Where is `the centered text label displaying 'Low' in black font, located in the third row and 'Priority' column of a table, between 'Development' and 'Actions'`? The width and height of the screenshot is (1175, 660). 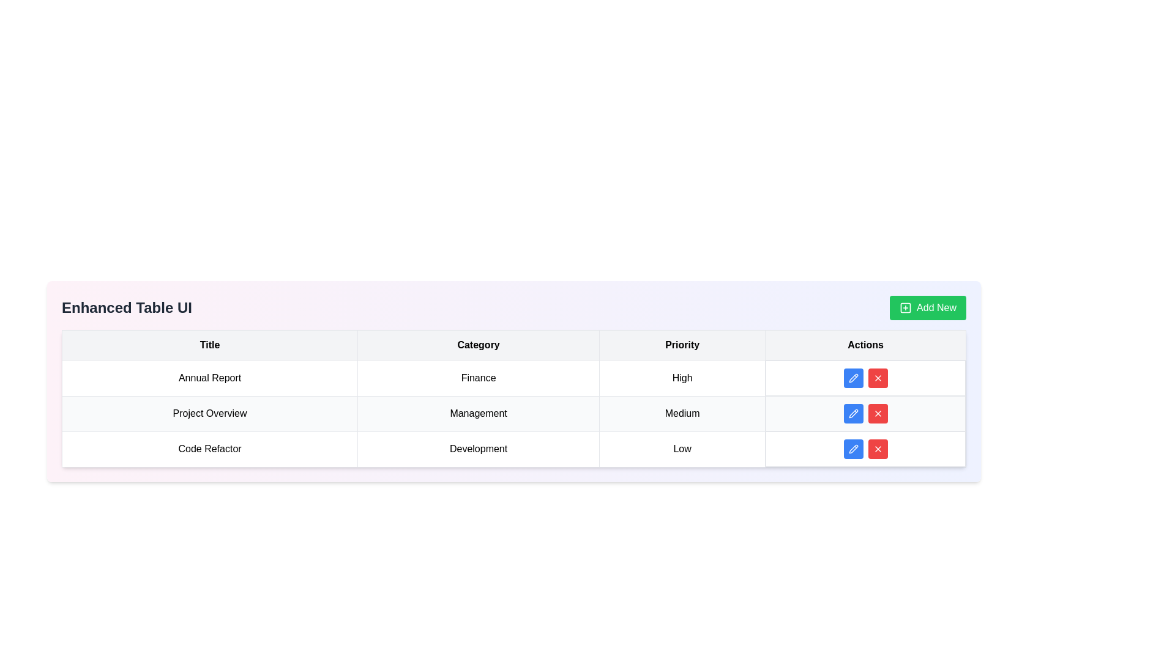 the centered text label displaying 'Low' in black font, located in the third row and 'Priority' column of a table, between 'Development' and 'Actions' is located at coordinates (682, 449).